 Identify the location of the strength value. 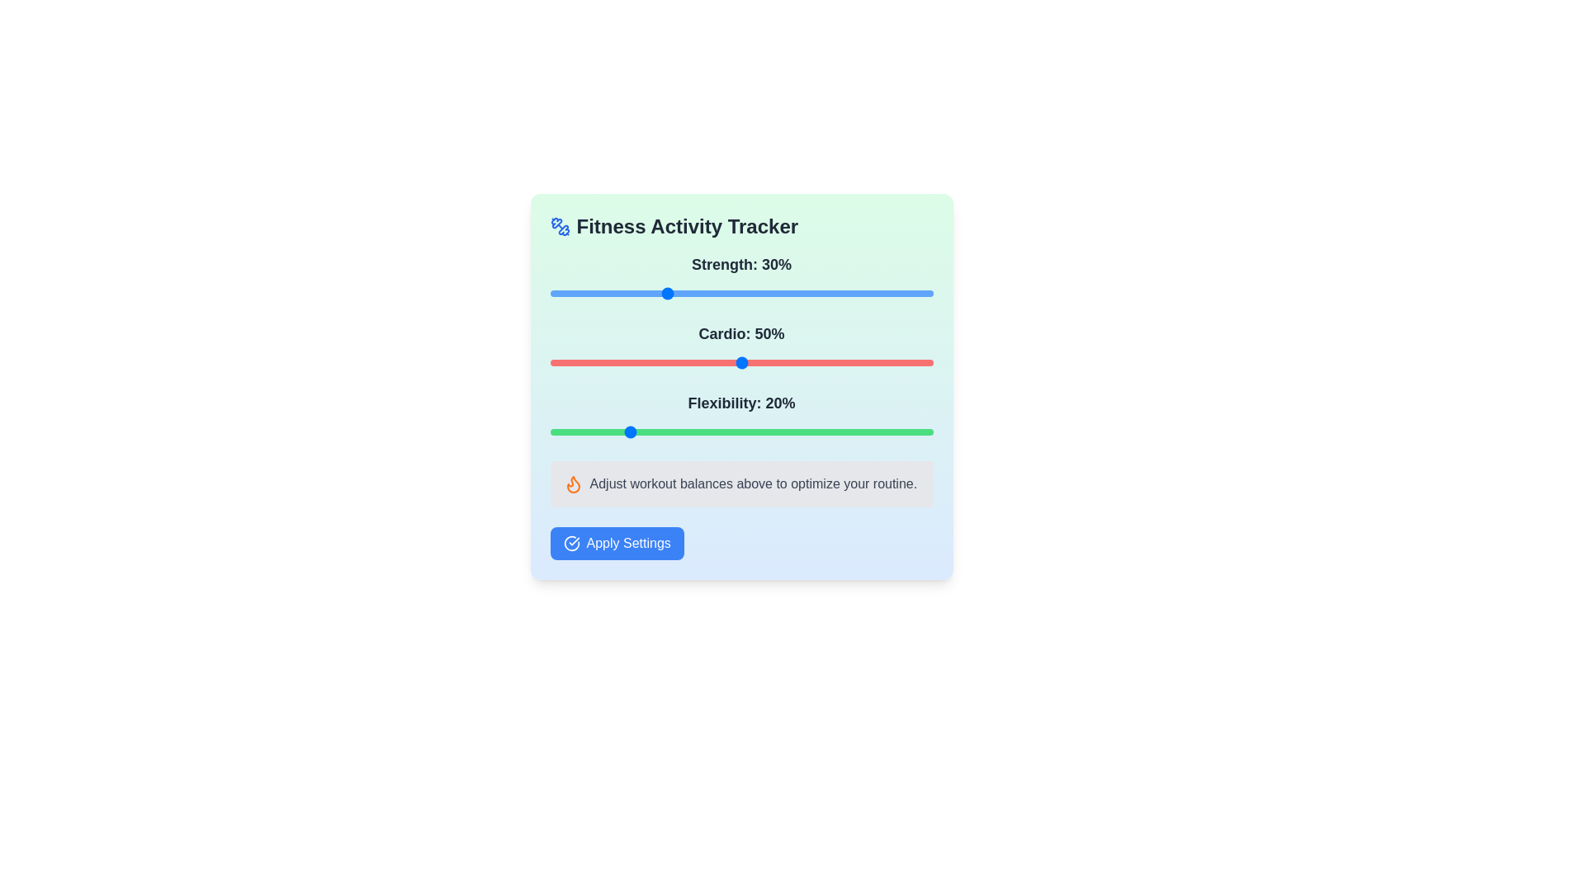
(715, 292).